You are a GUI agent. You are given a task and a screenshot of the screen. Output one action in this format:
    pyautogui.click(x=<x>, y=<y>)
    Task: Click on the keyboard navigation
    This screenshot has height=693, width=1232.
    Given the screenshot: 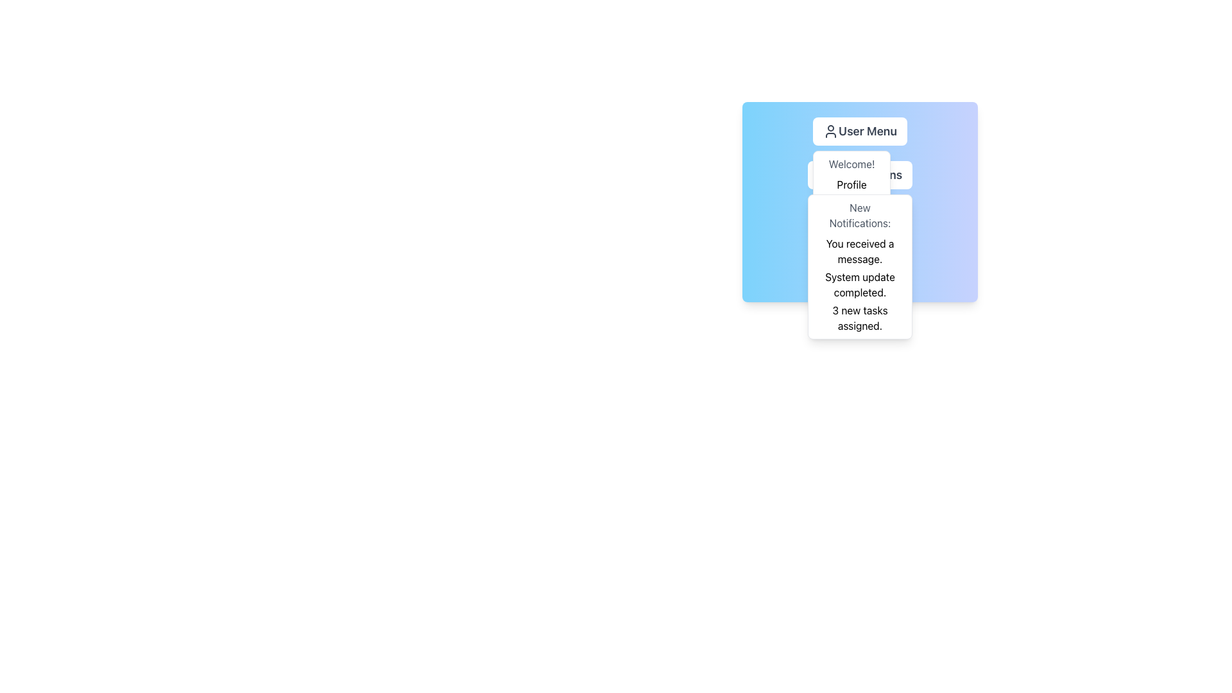 What is the action you would take?
    pyautogui.click(x=851, y=185)
    